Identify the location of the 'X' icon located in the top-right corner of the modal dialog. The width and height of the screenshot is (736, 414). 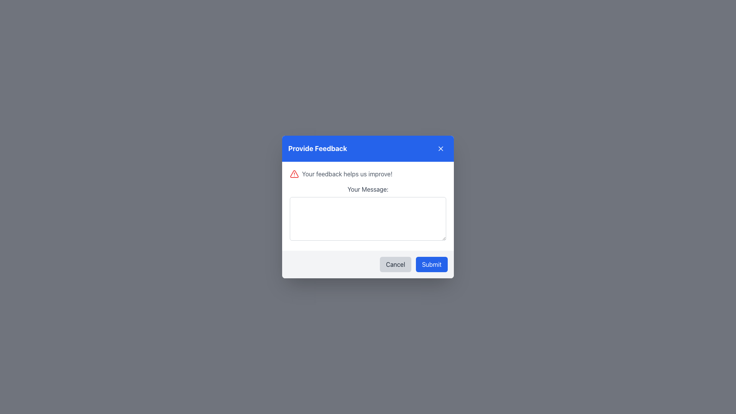
(441, 149).